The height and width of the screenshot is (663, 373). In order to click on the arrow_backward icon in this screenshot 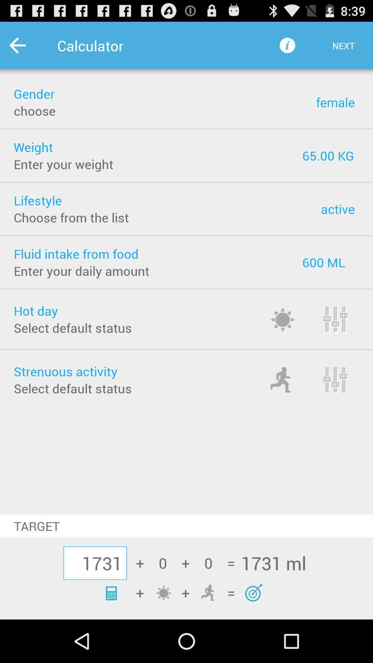, I will do `click(26, 48)`.